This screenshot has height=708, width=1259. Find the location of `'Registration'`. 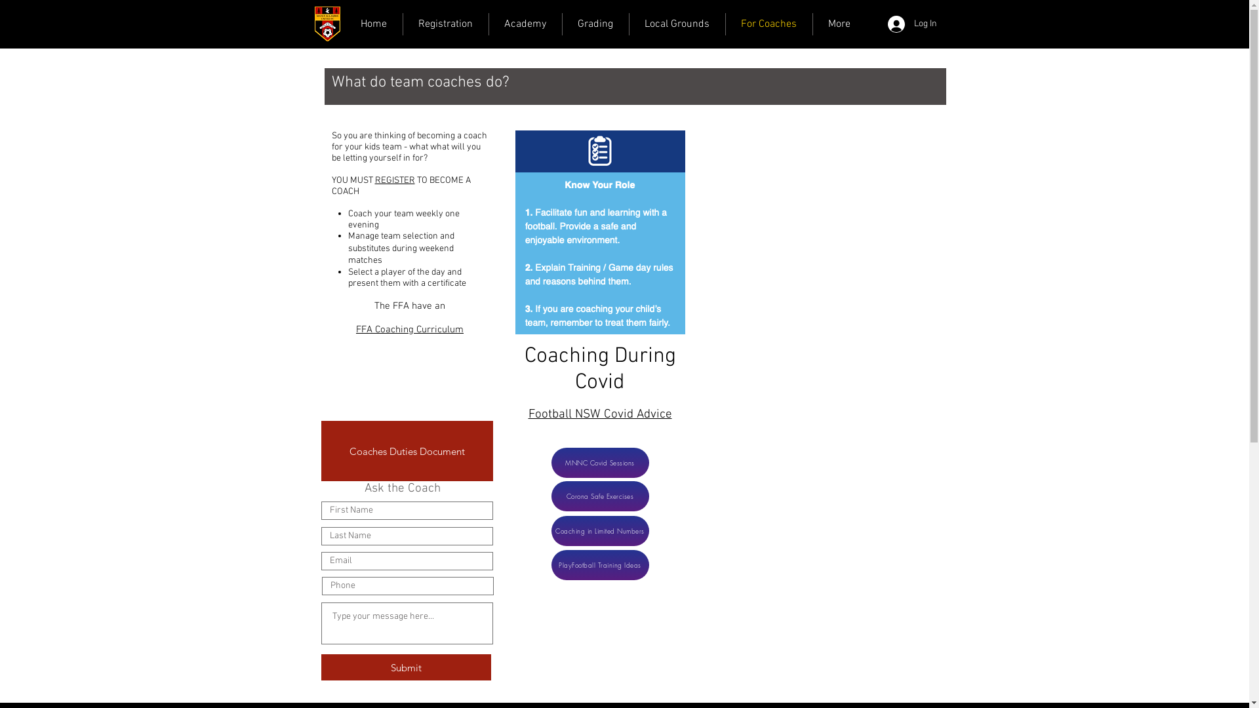

'Registration' is located at coordinates (445, 24).